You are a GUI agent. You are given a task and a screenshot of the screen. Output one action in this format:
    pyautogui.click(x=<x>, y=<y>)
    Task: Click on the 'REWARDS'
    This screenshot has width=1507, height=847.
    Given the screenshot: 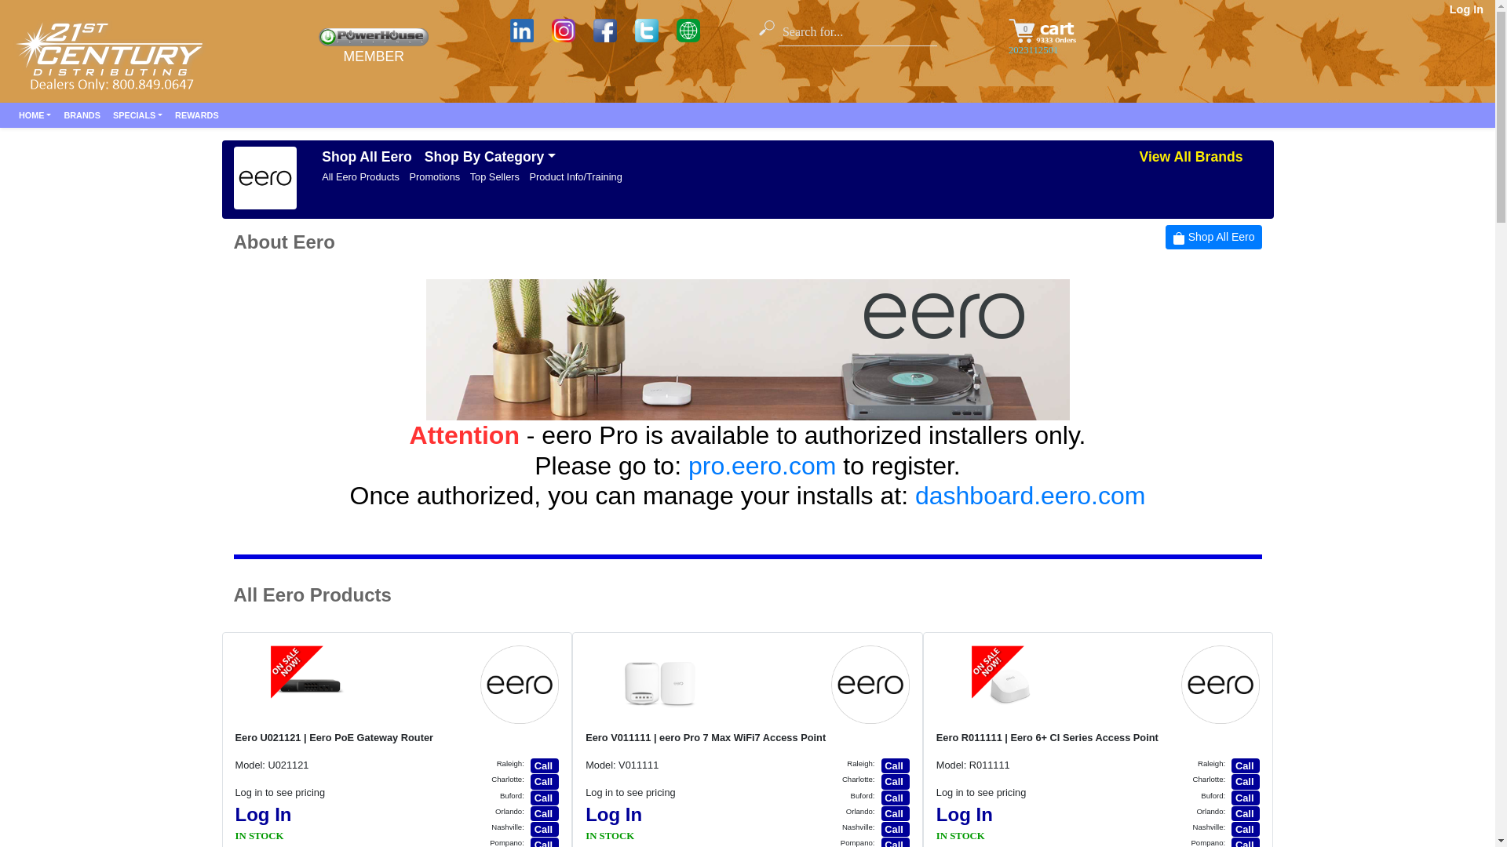 What is the action you would take?
    pyautogui.click(x=195, y=114)
    